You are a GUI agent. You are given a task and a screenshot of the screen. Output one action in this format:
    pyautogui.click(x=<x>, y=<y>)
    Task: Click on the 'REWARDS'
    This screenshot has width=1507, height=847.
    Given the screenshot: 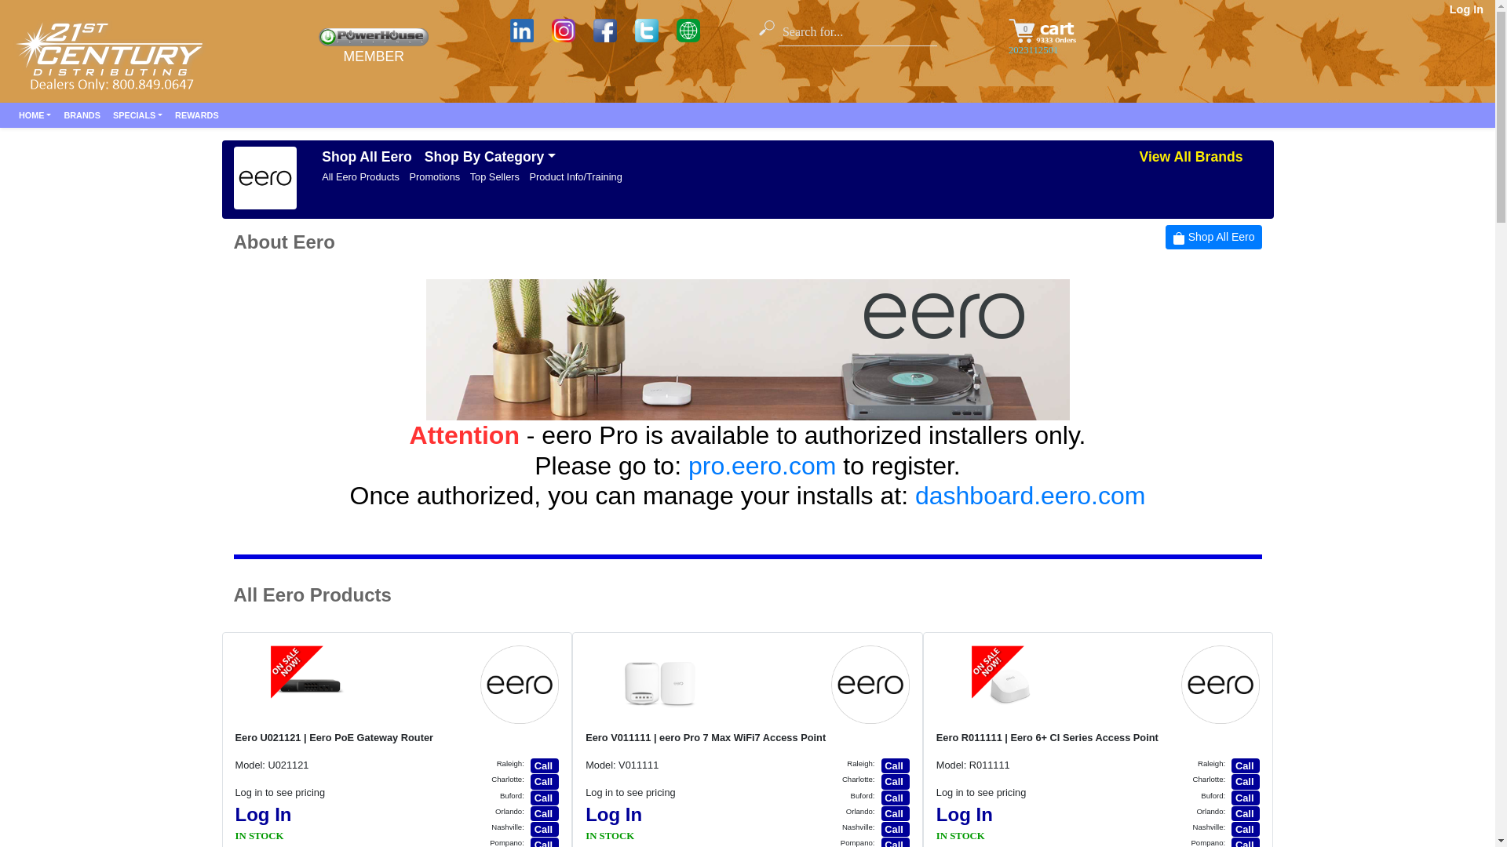 What is the action you would take?
    pyautogui.click(x=195, y=114)
    